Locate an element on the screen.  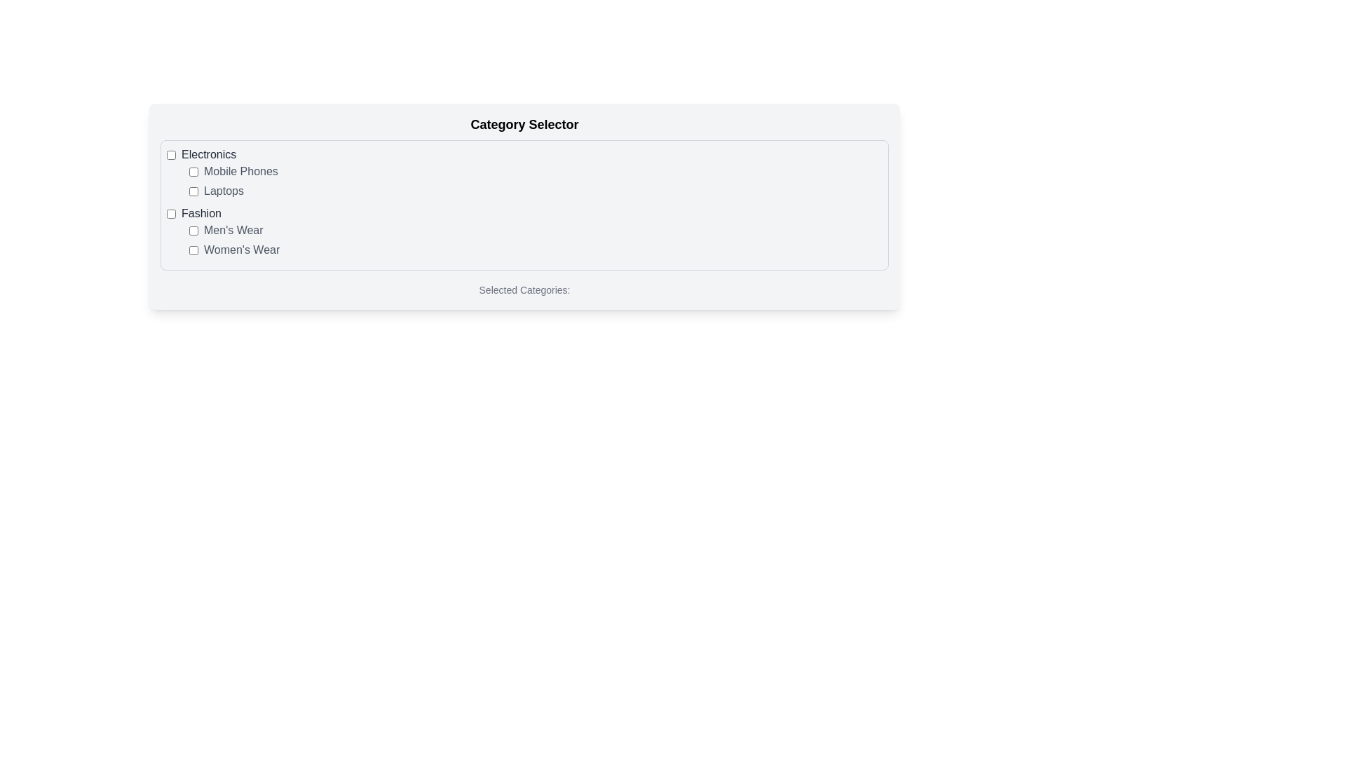
the checkbox located to the left of the 'Women's Wear' label to prepare it for keyboard interaction is located at coordinates (193, 250).